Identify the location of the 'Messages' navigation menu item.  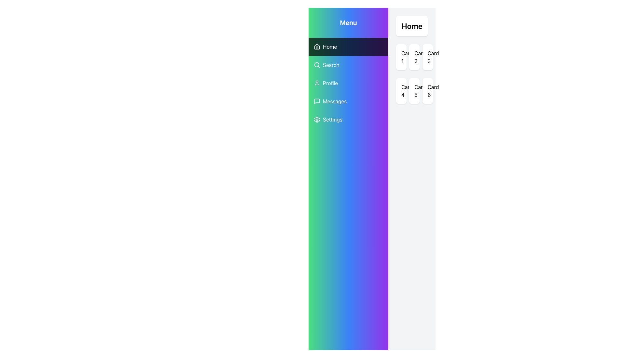
(348, 101).